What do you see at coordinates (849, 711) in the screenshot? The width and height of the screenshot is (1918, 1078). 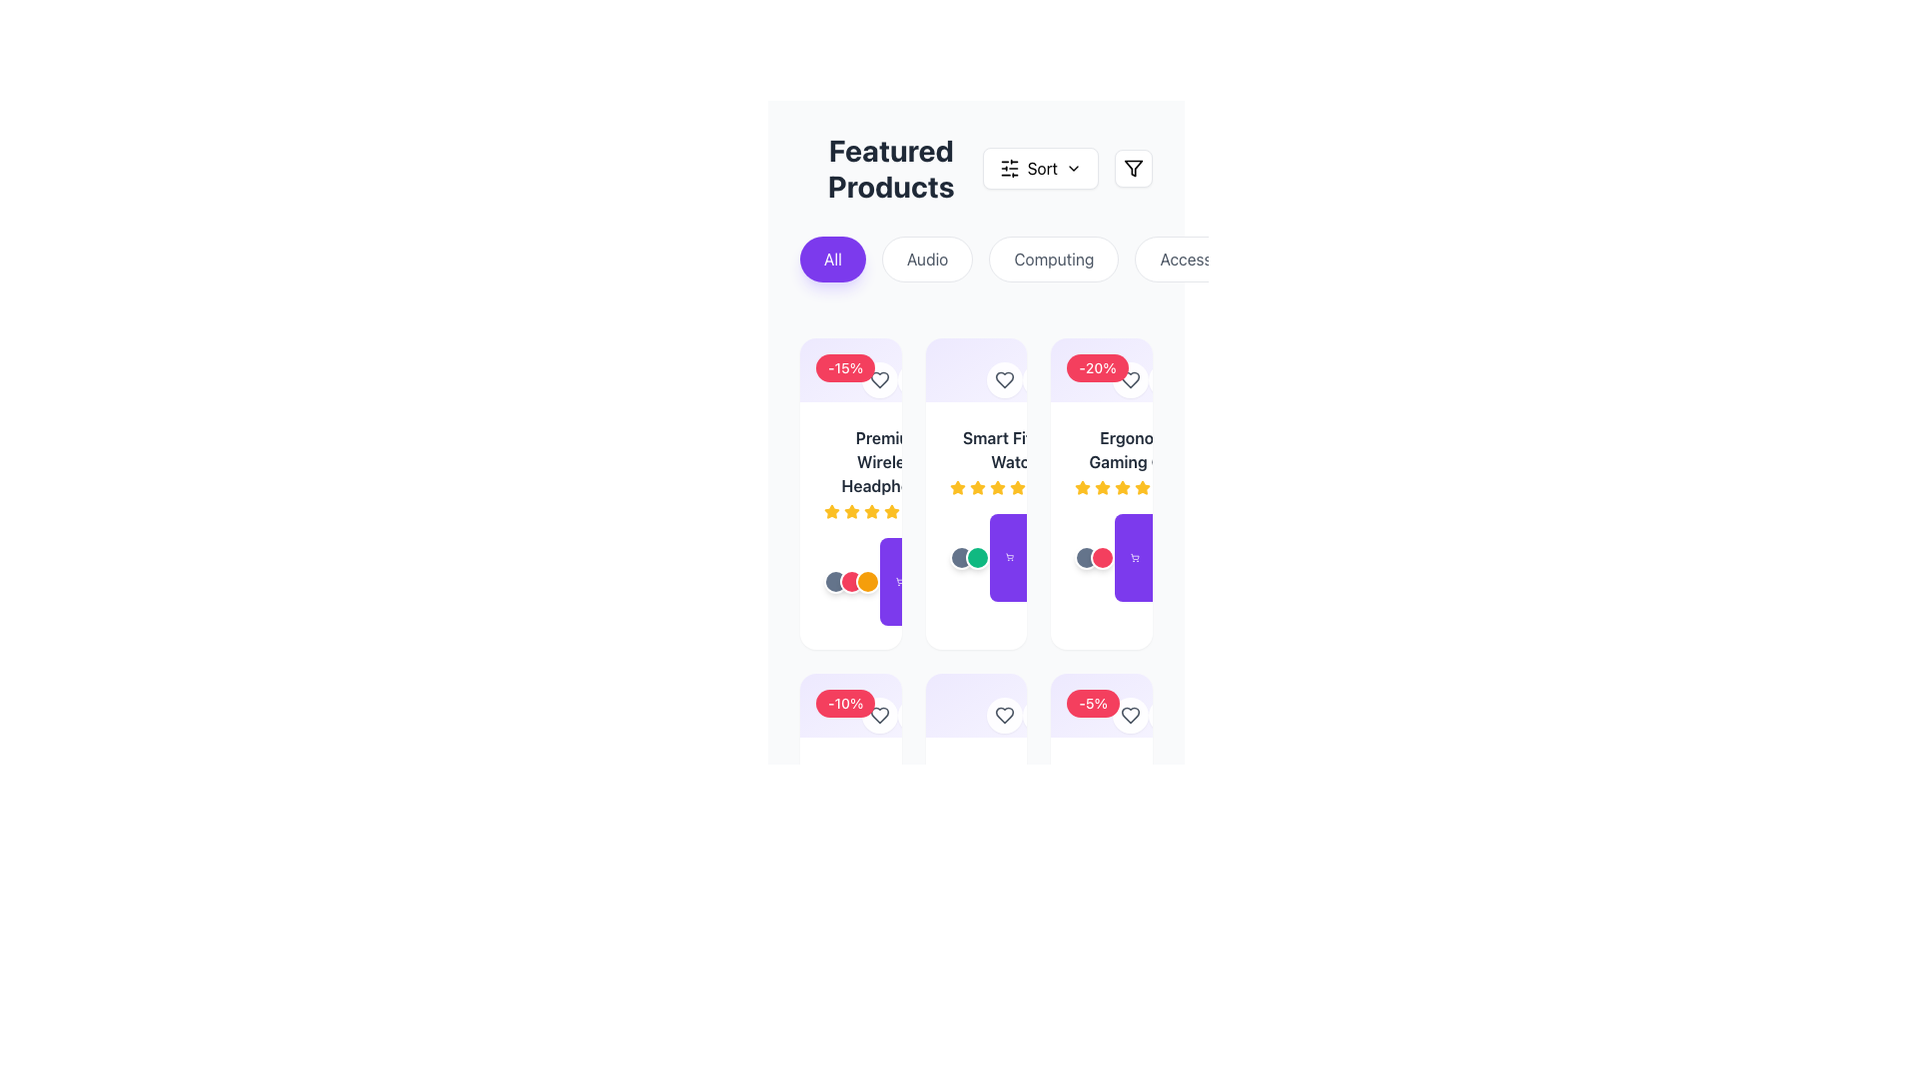 I see `the rounded badge with a red background displaying '-10%' located at the top-left corner of the product card` at bounding box center [849, 711].